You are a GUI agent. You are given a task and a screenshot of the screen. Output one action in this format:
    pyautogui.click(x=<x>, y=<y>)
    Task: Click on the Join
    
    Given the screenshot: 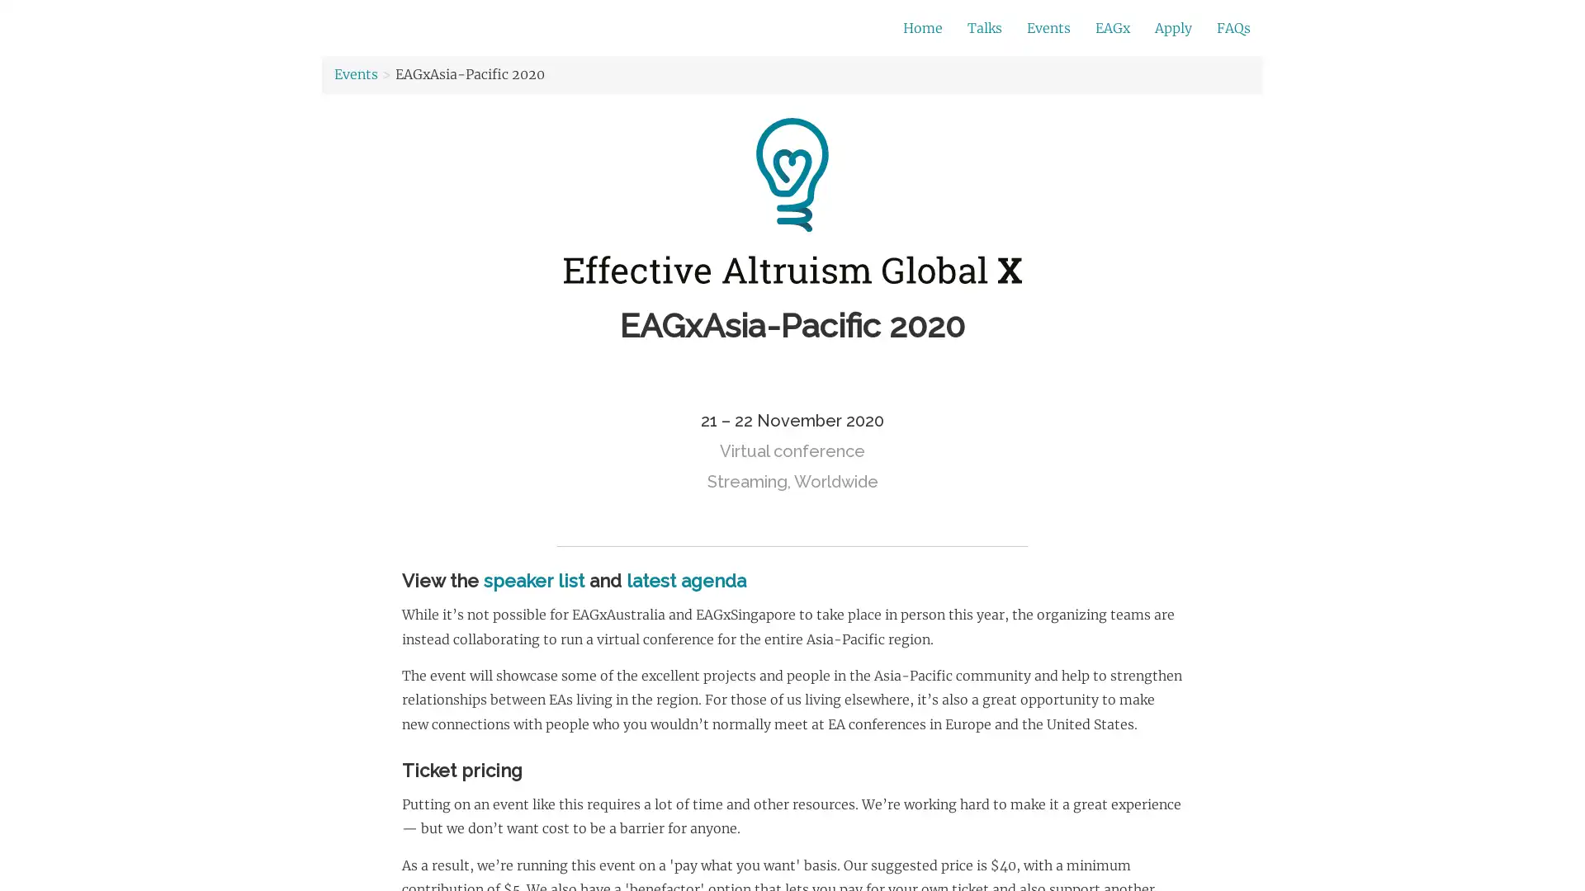 What is the action you would take?
    pyautogui.click(x=1081, y=29)
    